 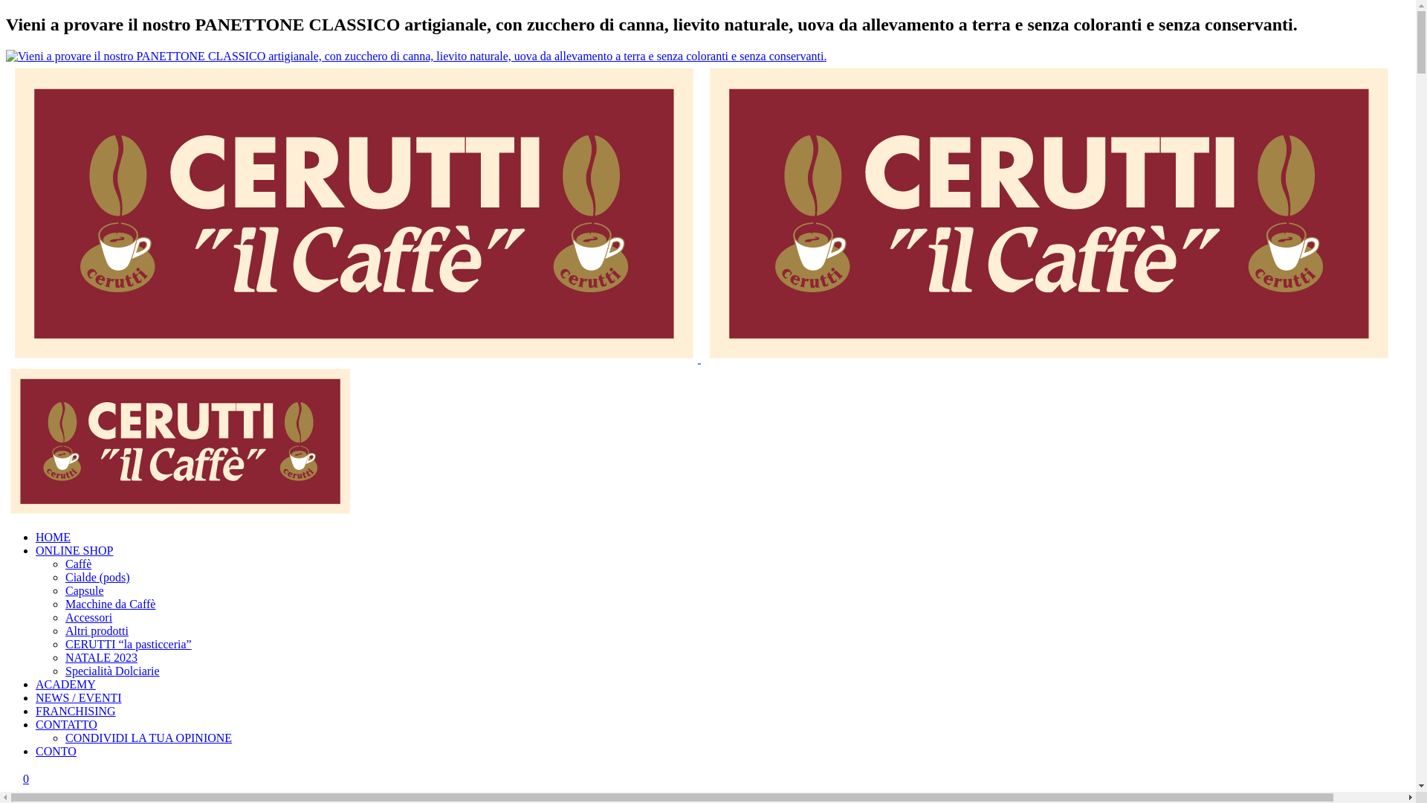 What do you see at coordinates (96, 631) in the screenshot?
I see `'Altri prodotti'` at bounding box center [96, 631].